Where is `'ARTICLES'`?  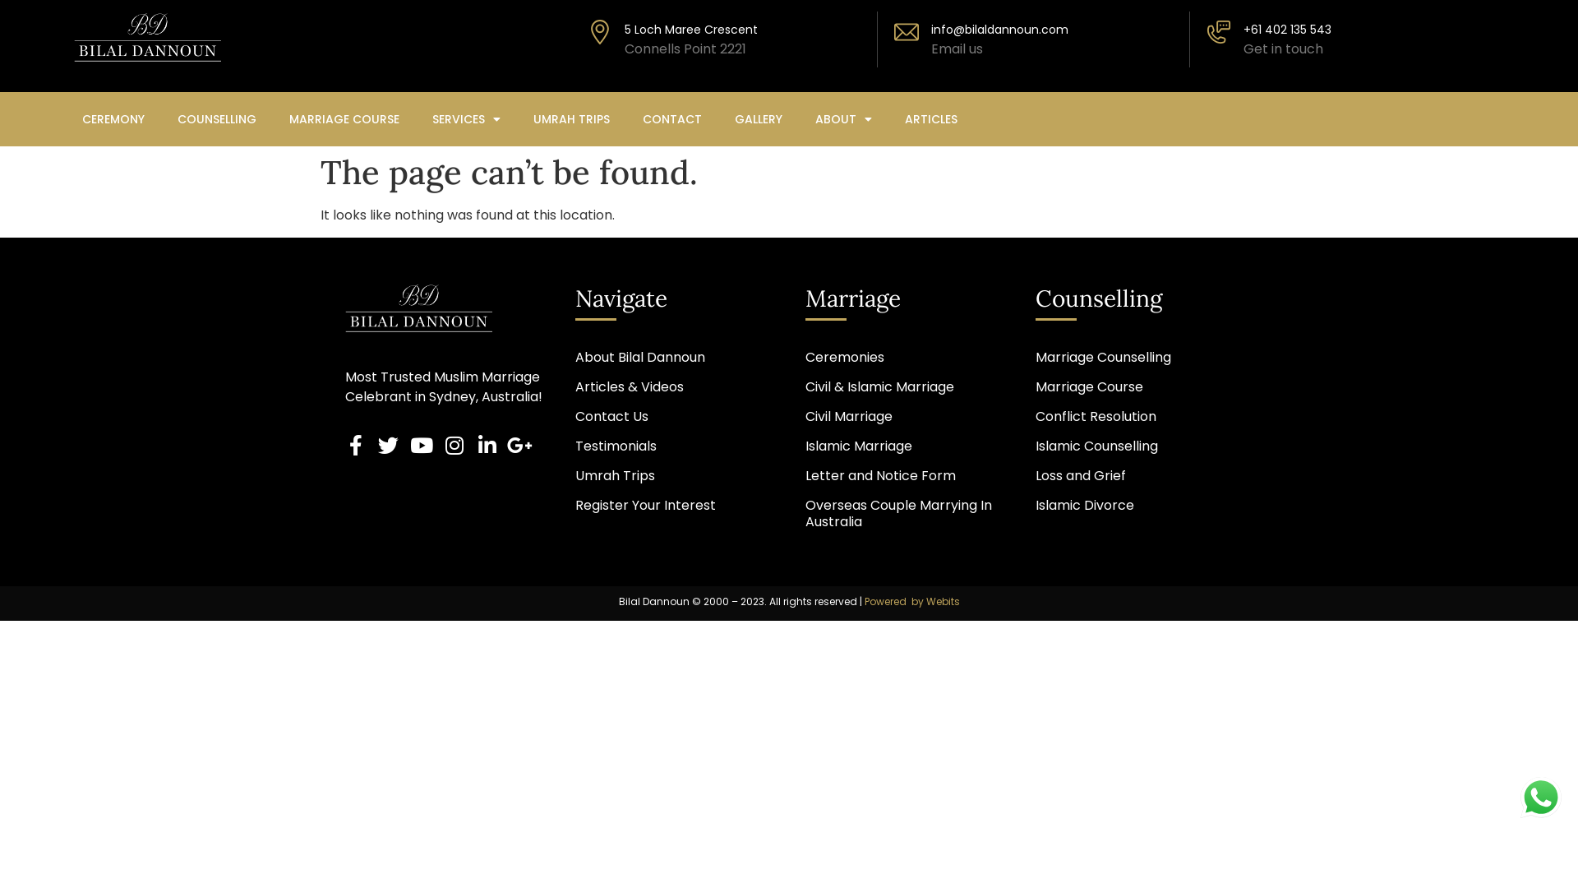
'ARTICLES' is located at coordinates (930, 118).